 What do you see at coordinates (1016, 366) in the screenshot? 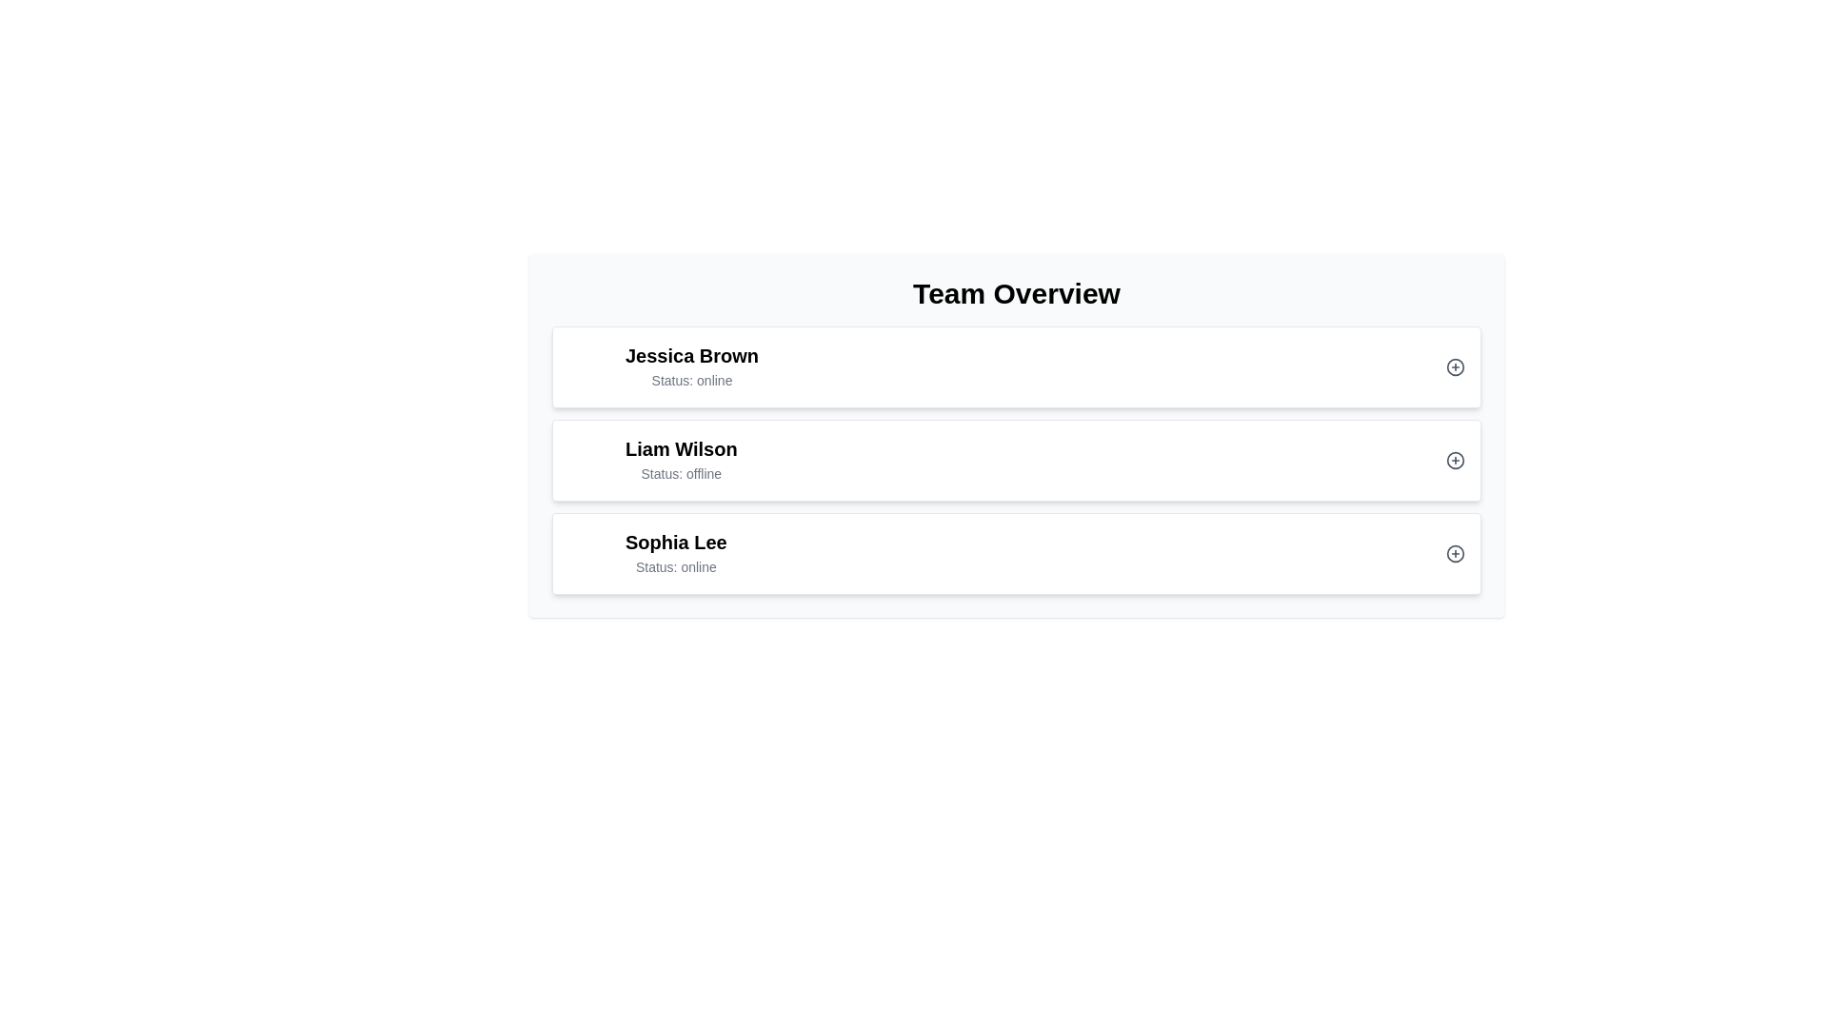
I see `the first user profile card in the 'Team Overview' section, which is adjacent to 'Liam Wilson' and 'Sophia Lee'` at bounding box center [1016, 366].